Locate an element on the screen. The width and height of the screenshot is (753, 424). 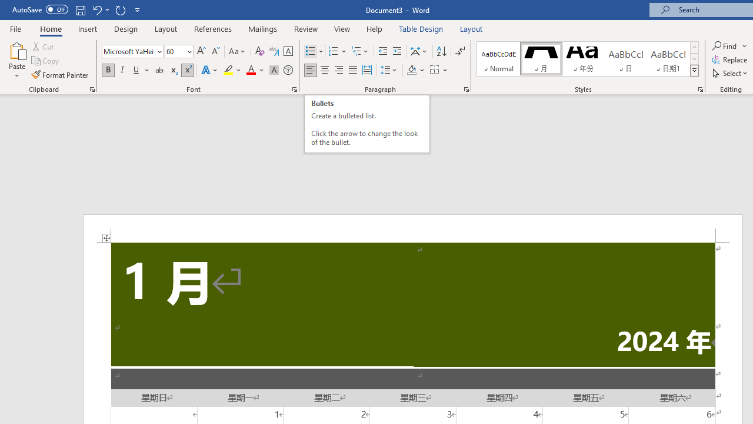
'Character Border' is located at coordinates (288, 51).